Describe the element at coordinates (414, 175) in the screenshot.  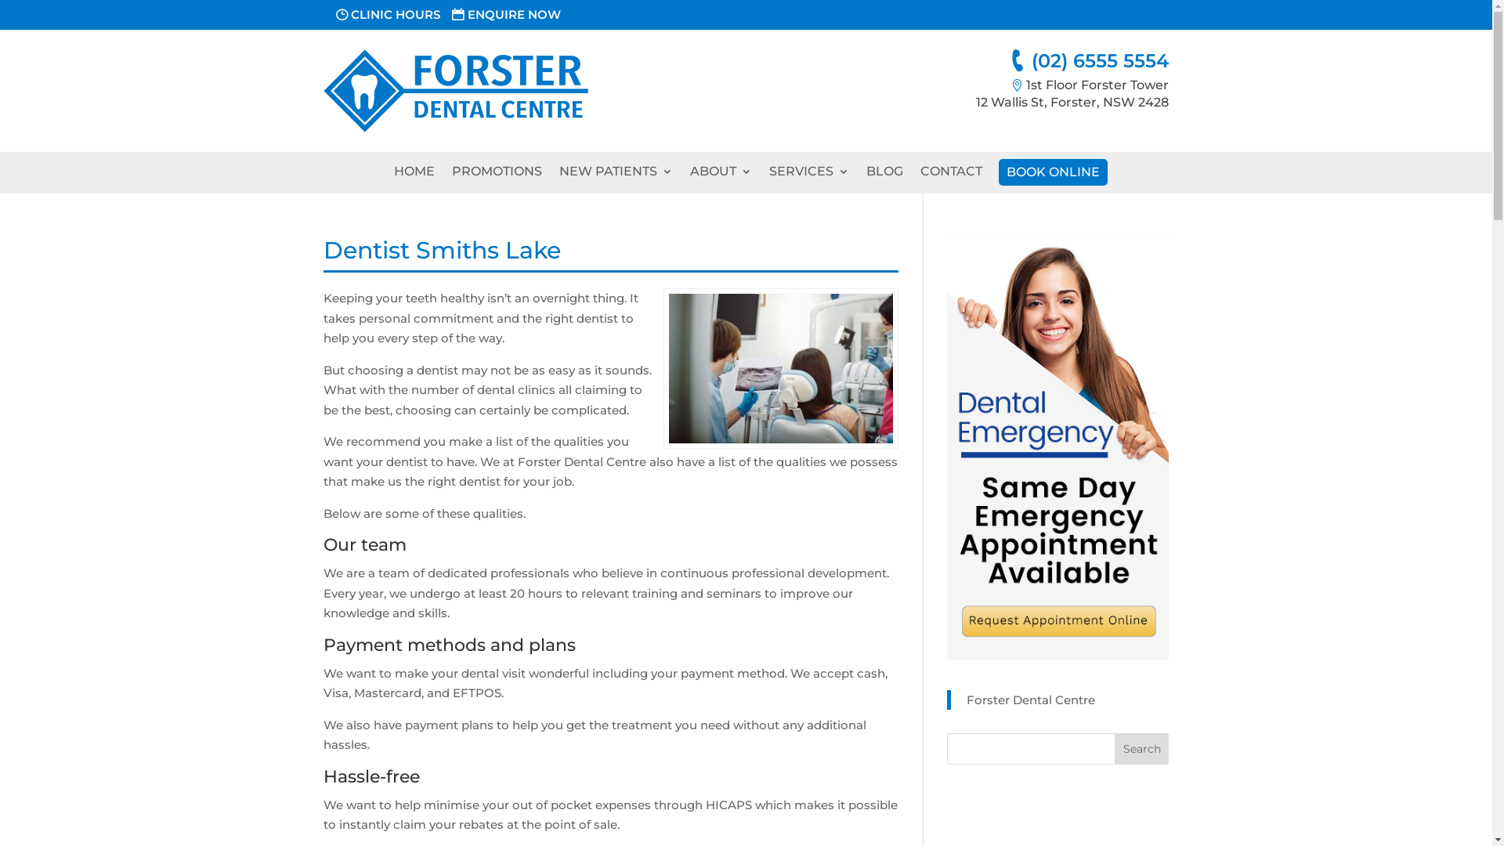
I see `'HOME'` at that location.